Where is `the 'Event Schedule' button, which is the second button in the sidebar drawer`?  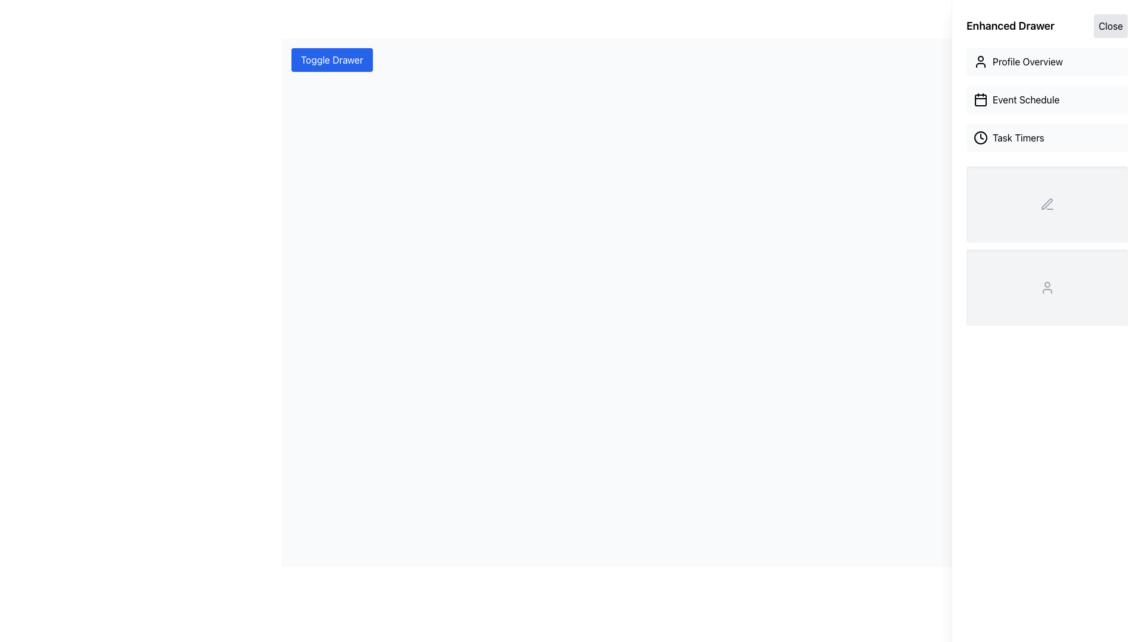
the 'Event Schedule' button, which is the second button in the sidebar drawer is located at coordinates (1047, 99).